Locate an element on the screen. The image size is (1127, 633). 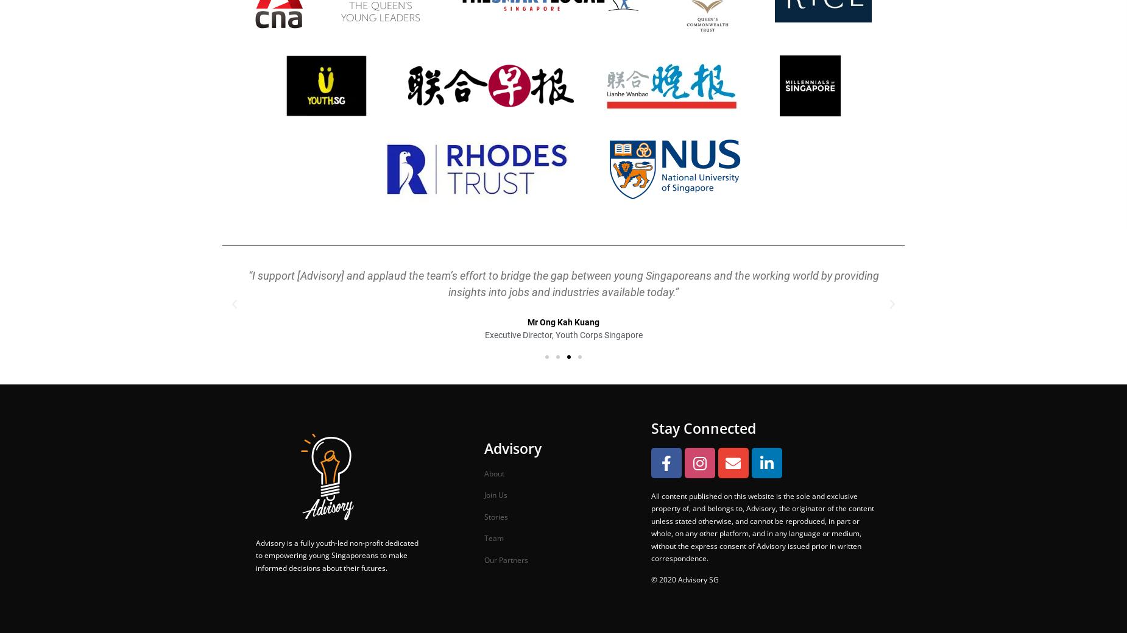
'Team' is located at coordinates (493, 538).